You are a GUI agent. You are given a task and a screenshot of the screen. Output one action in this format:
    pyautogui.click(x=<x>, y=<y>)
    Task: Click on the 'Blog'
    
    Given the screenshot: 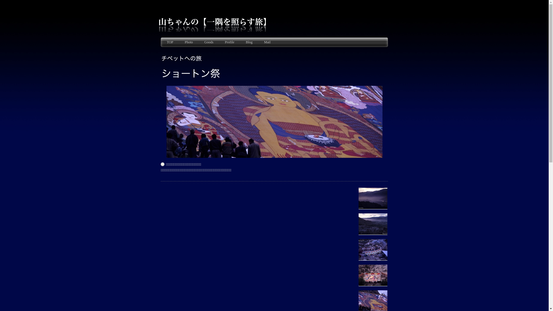 What is the action you would take?
    pyautogui.click(x=249, y=42)
    